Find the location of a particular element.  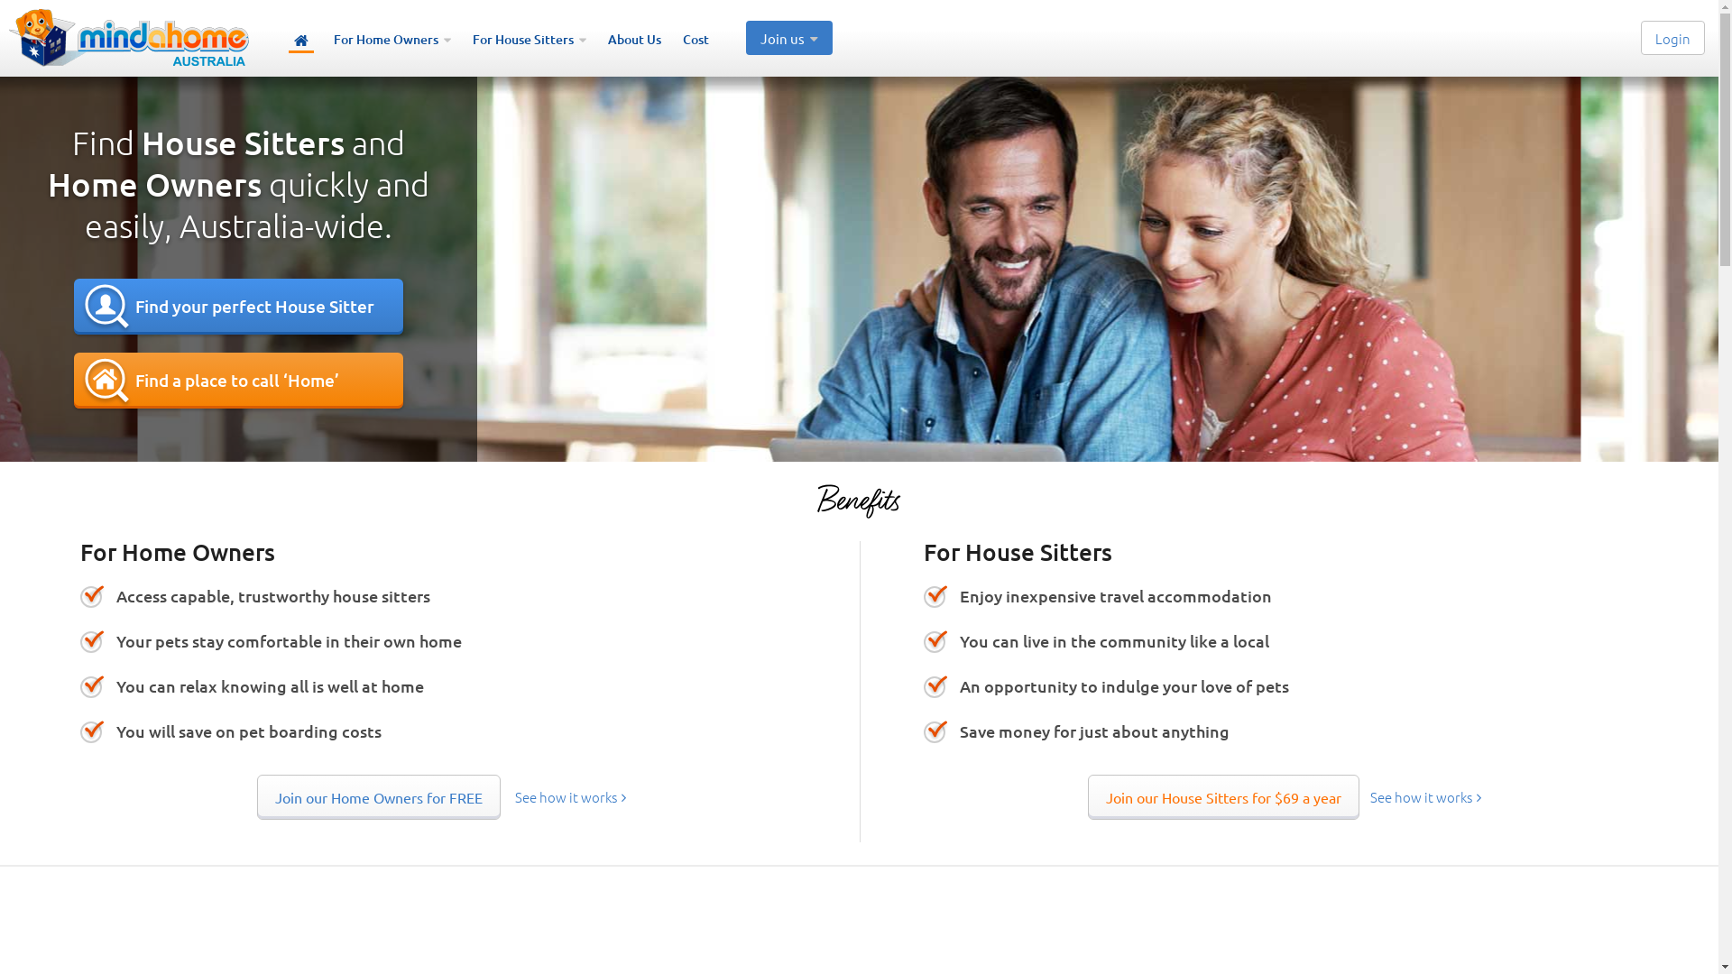

'Join our Home Owners for FREE' is located at coordinates (378, 795).